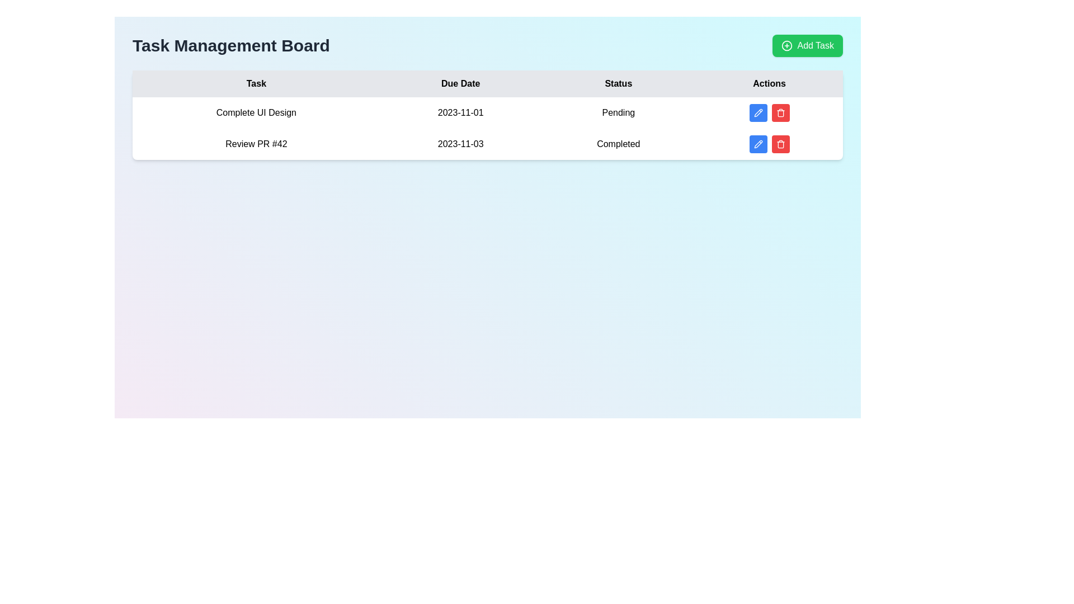  I want to click on the deletion button located in the second row of the task list, which is the second button in the 'Actions' column, so click(780, 144).